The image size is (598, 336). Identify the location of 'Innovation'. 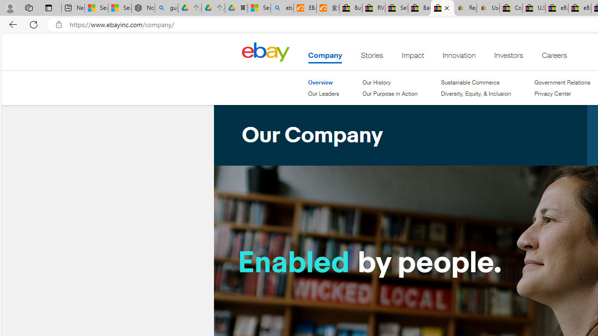
(459, 57).